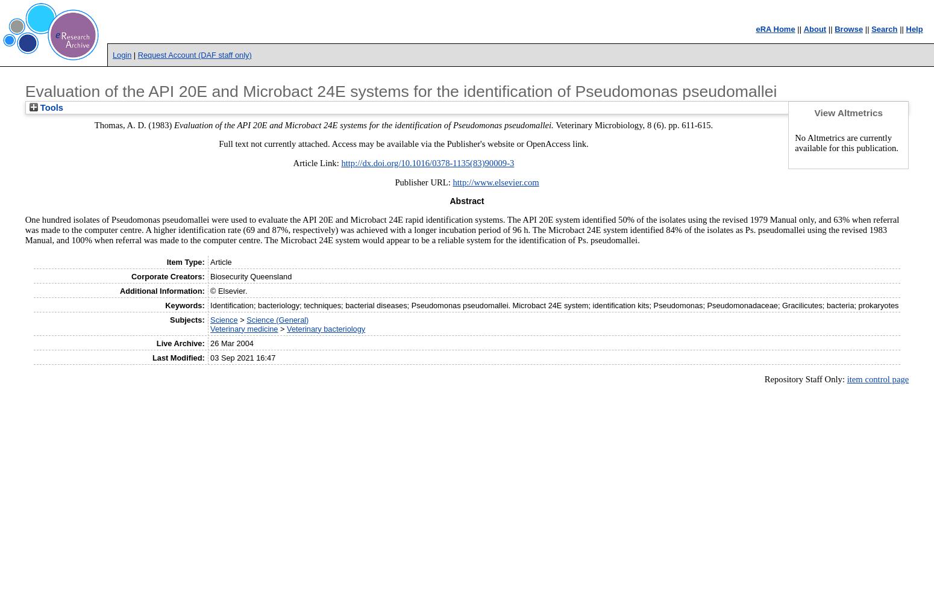 This screenshot has width=934, height=602. Describe the element at coordinates (169, 319) in the screenshot. I see `'Subjects:'` at that location.